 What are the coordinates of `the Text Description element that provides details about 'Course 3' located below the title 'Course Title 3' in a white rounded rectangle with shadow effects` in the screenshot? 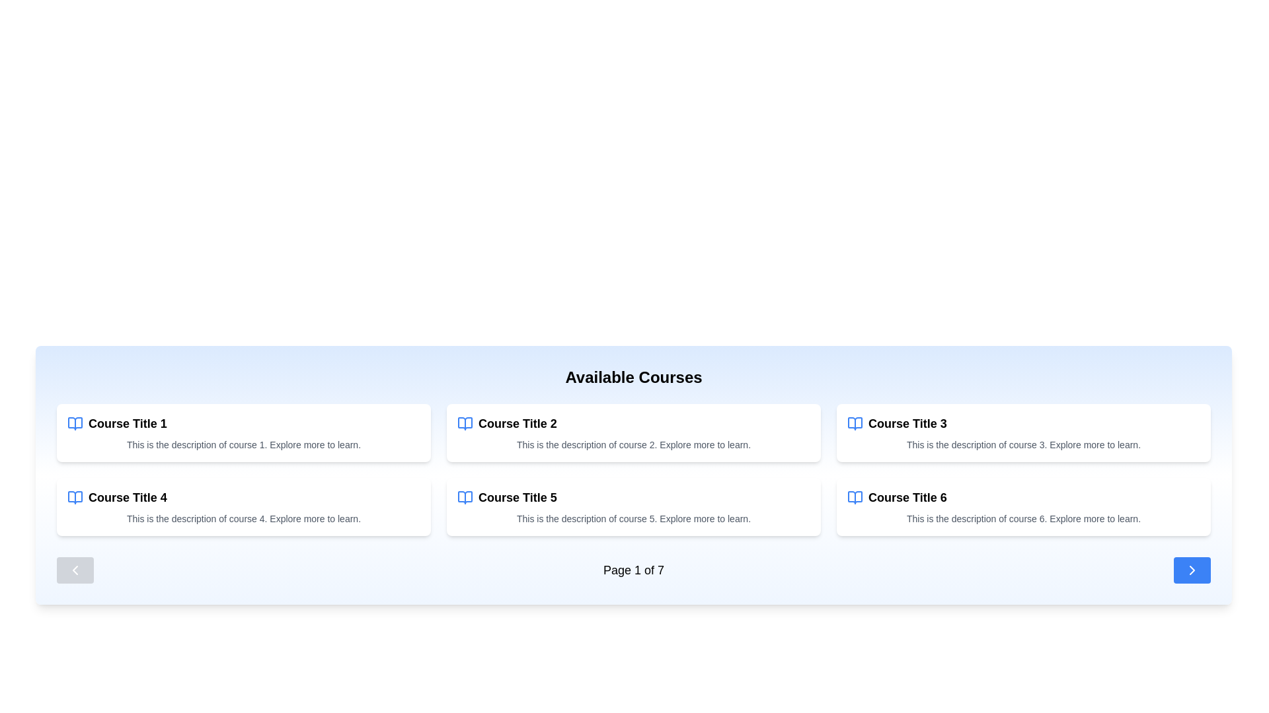 It's located at (1023, 445).